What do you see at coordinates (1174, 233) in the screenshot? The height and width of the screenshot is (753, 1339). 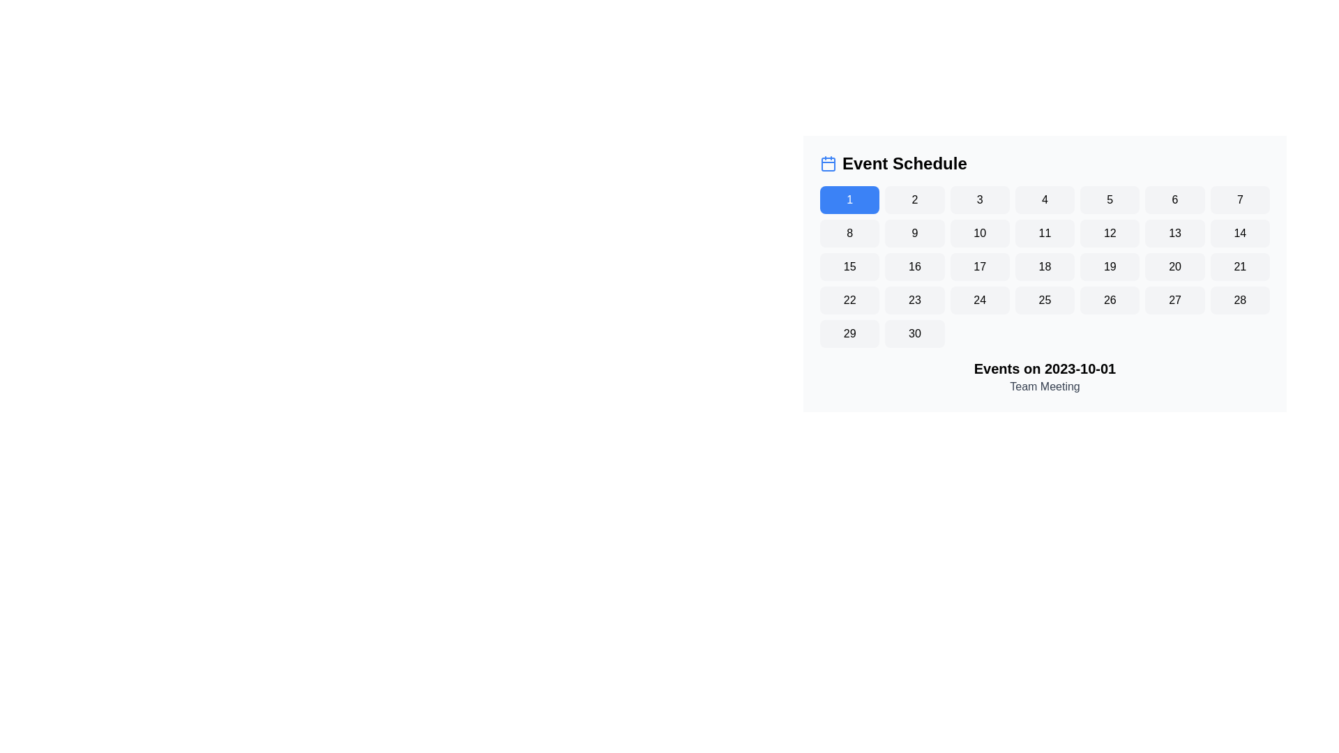 I see `the interactive calendar cell representing the 13th day` at bounding box center [1174, 233].